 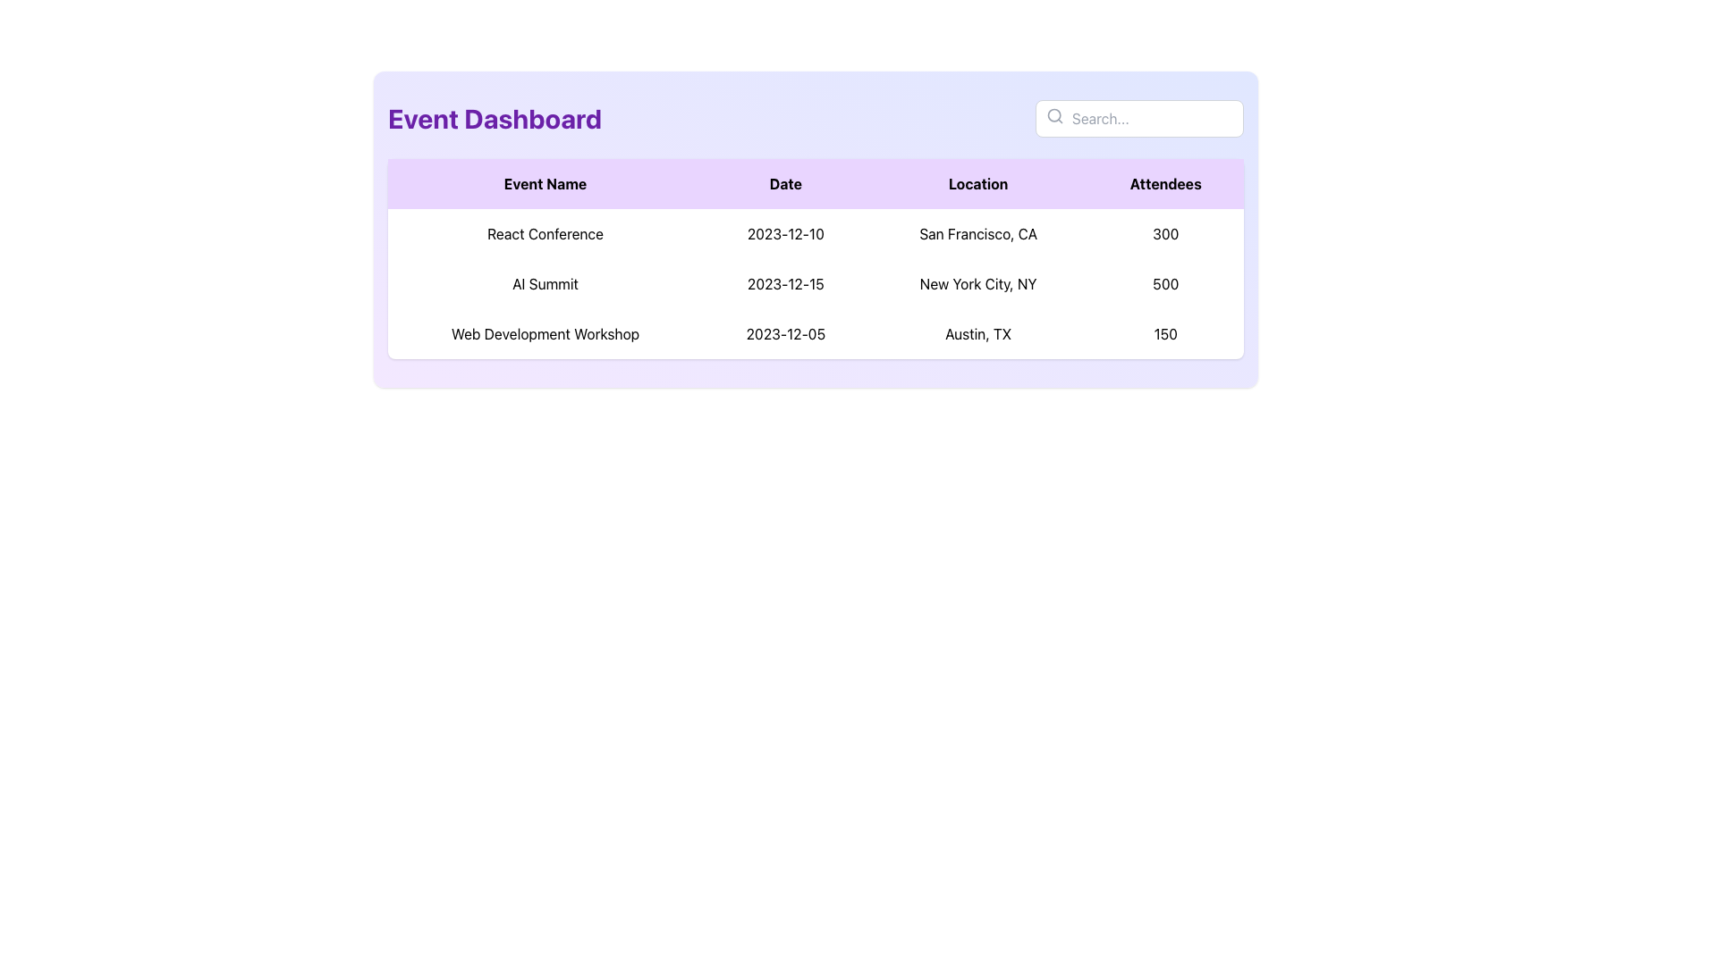 I want to click on the text label displaying 'Austin, TX', which is located in the third column of the third row of the event details table under the 'Location' column, so click(x=977, y=334).